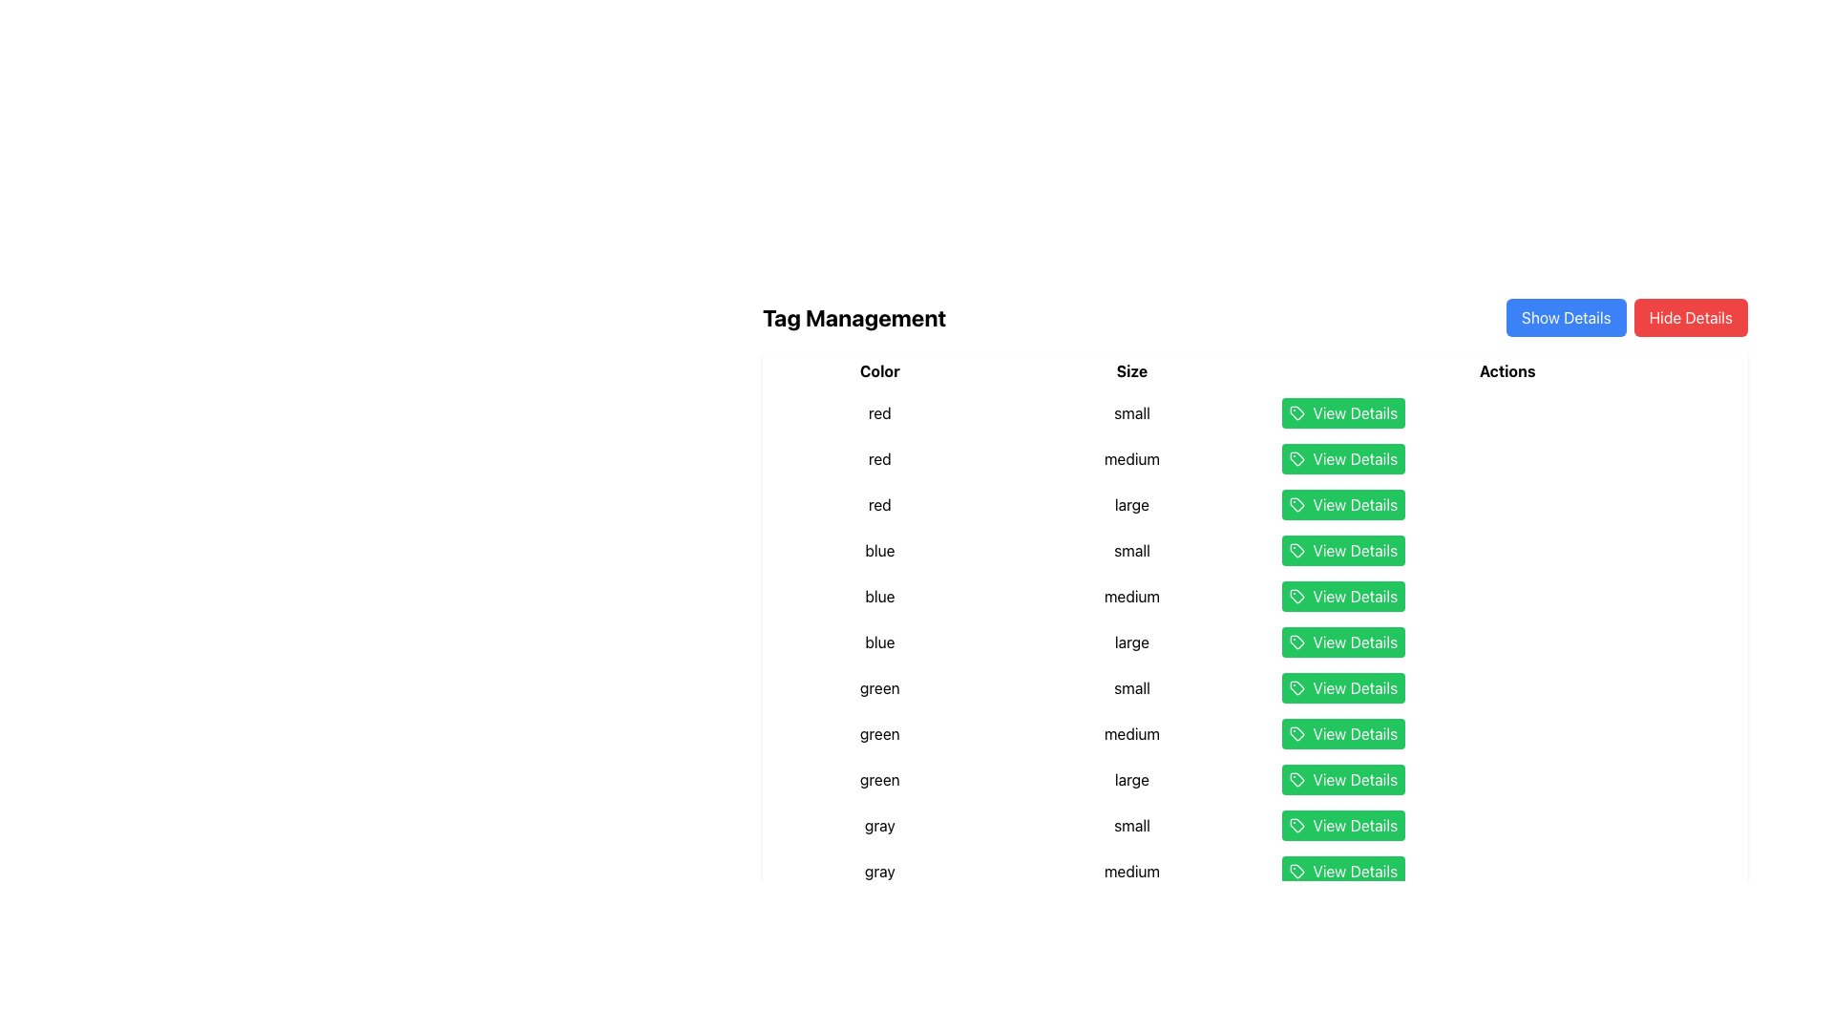  What do you see at coordinates (1297, 824) in the screenshot?
I see `the 'View Details' button that contains the green tag icon located on the left side of the button, found in the row where 'Color' is 'gray' and 'Size' is 'small'` at bounding box center [1297, 824].